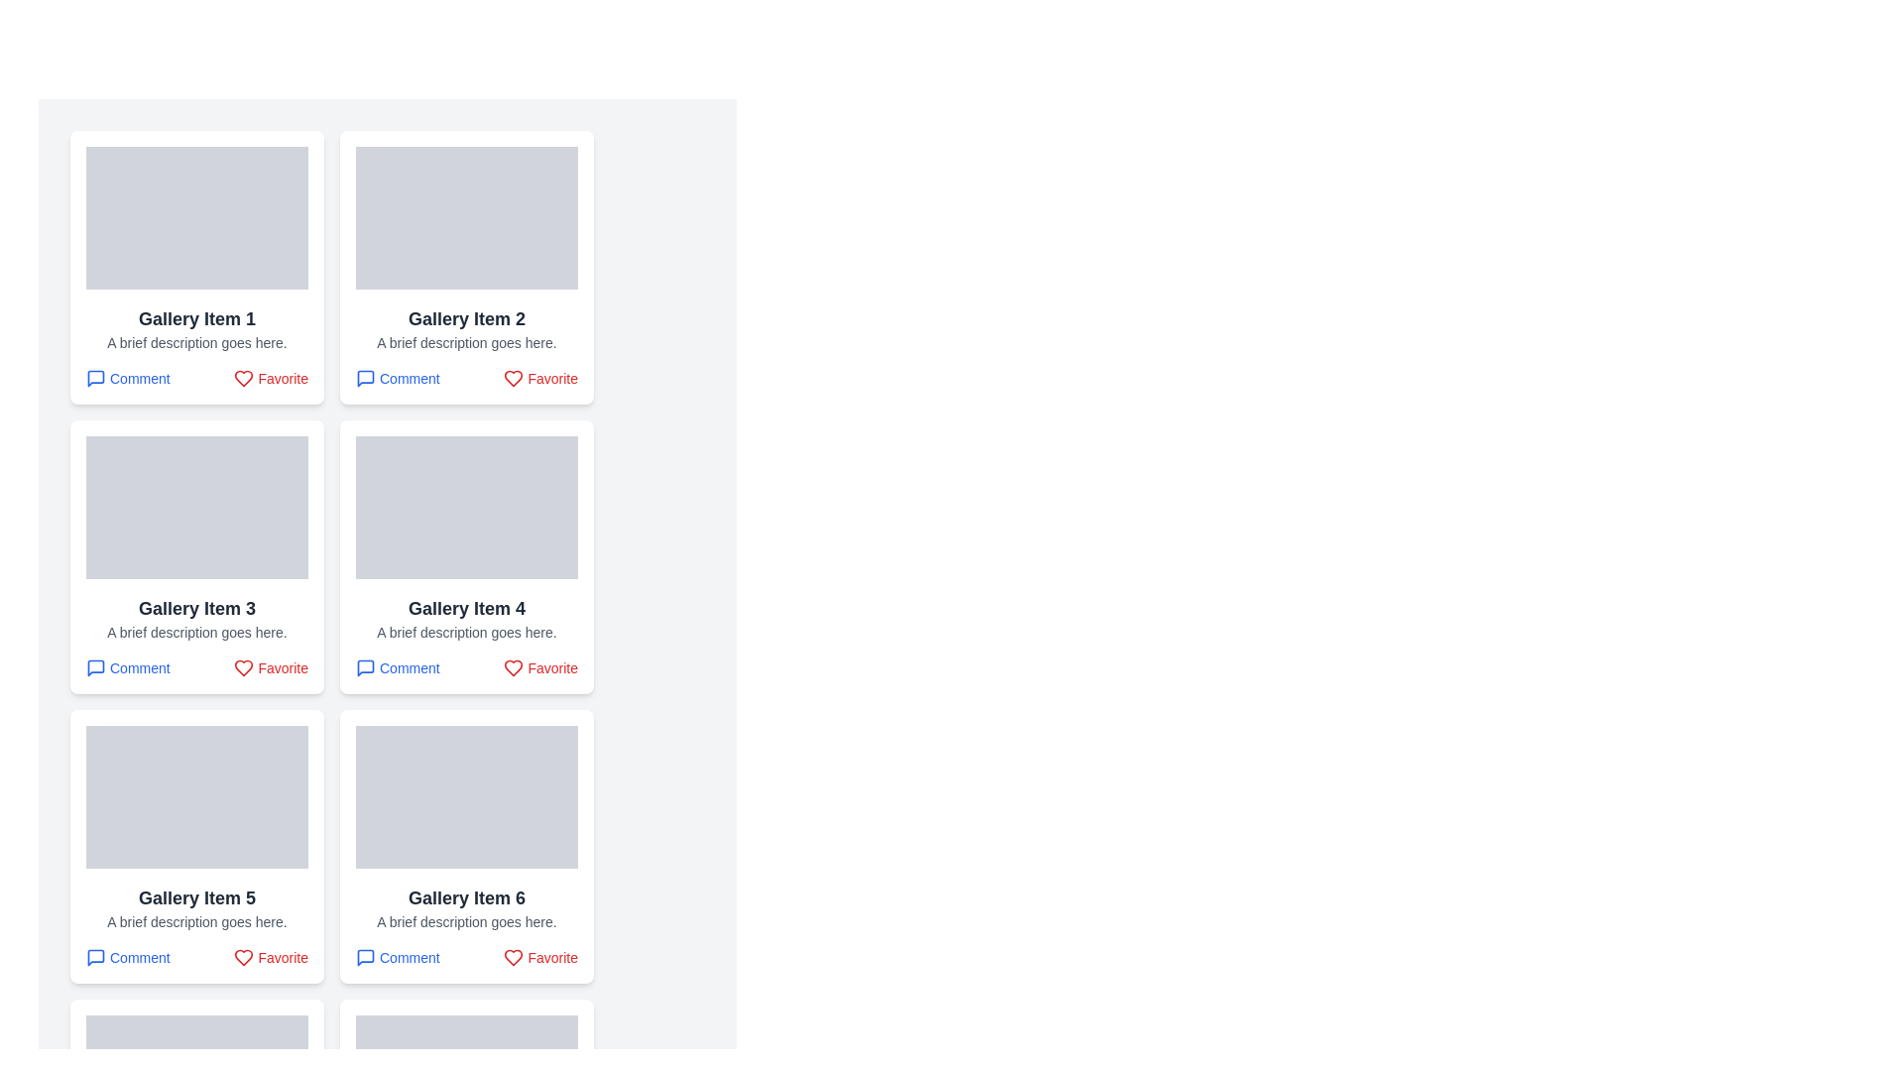 Image resolution: width=1904 pixels, height=1071 pixels. What do you see at coordinates (366, 956) in the screenshot?
I see `the speech bubble icon that represents the comment functionality for the sixth gallery item in the grid, located below the image and title on the action bar` at bounding box center [366, 956].